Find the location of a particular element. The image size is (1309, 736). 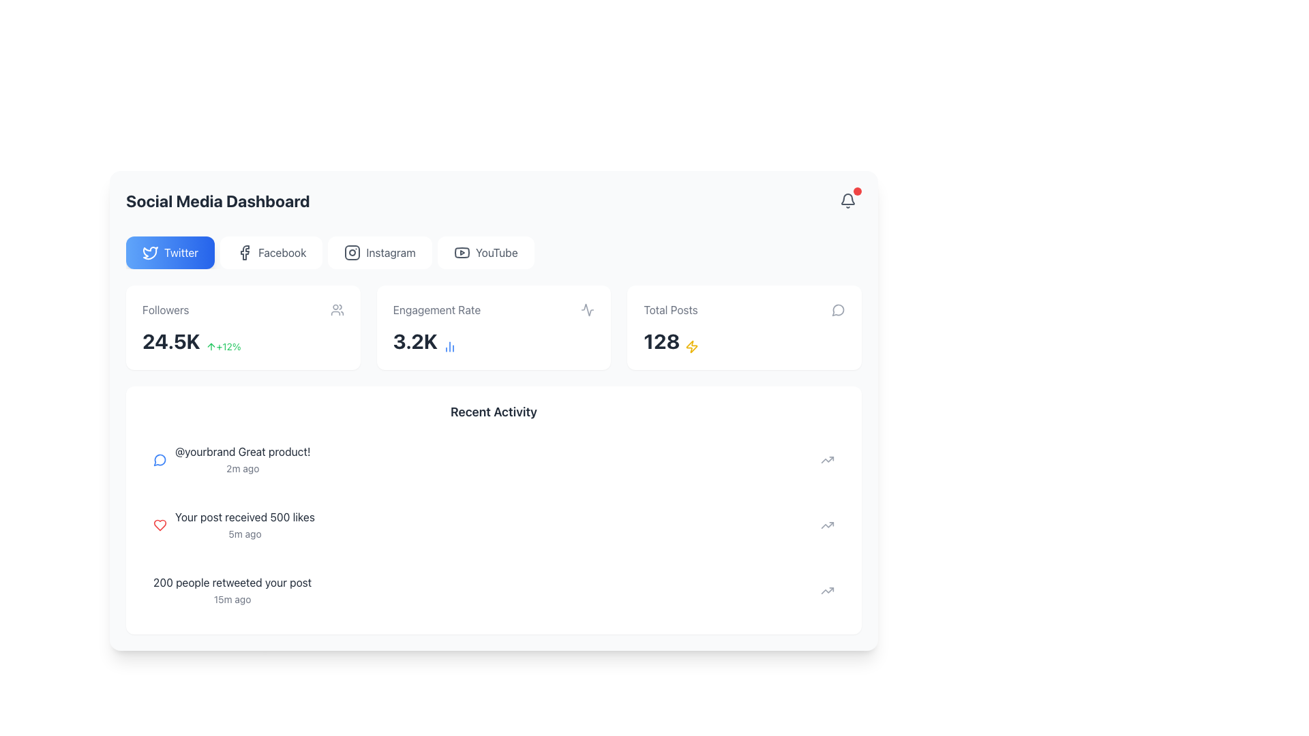

the statistical indicator displaying '24.5K' followers with a green '+12%' text and upward arrow icon is located at coordinates (243, 341).